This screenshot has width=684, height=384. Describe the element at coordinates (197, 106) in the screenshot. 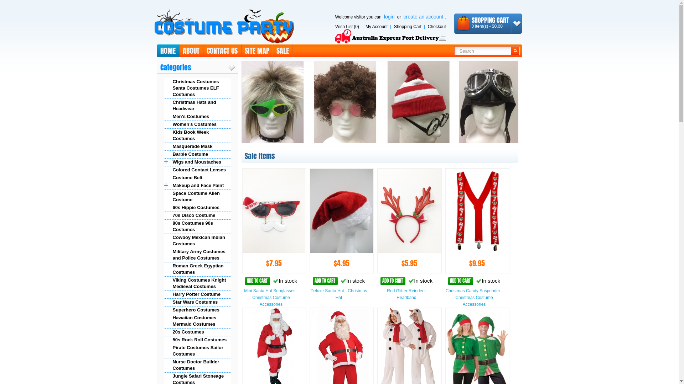

I see `'Christmas Hats and Headwear'` at that location.